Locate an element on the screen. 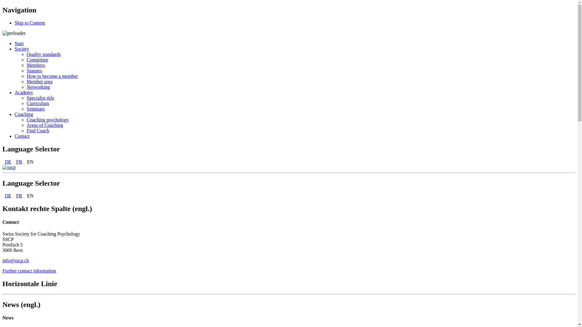  'Member area' is located at coordinates (26, 81).